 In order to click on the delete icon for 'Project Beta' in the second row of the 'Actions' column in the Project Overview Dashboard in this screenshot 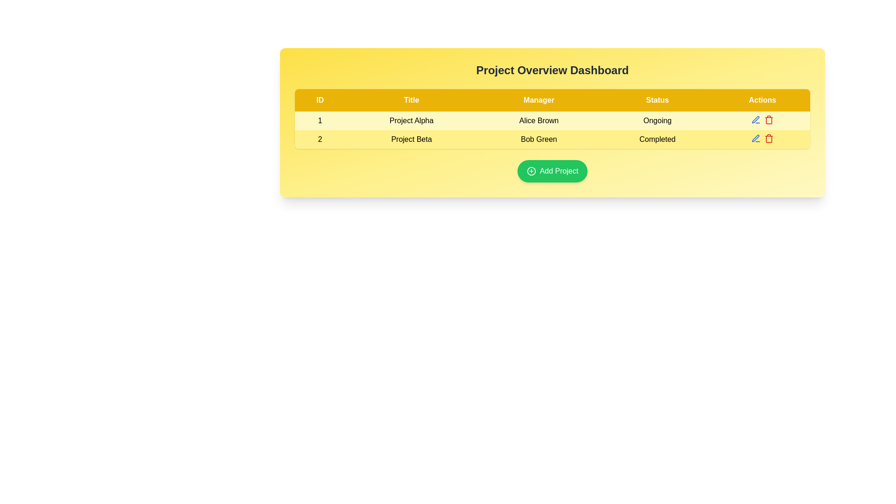, I will do `click(769, 139)`.